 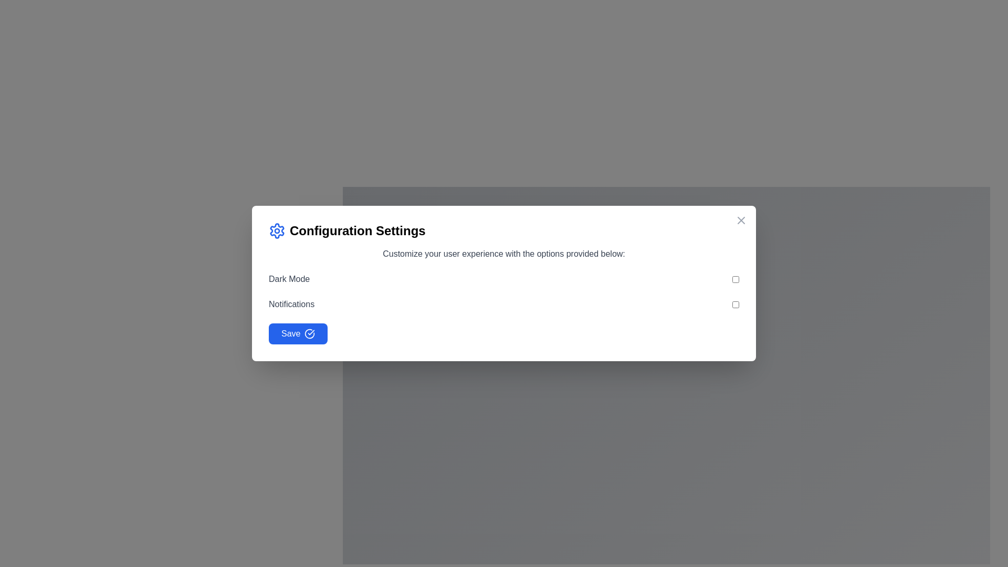 I want to click on the blue 'Save' button with rounded edges featuring a check-circle icon located at the bottom-left of the 'Configuration Settings' panel, so click(x=298, y=334).